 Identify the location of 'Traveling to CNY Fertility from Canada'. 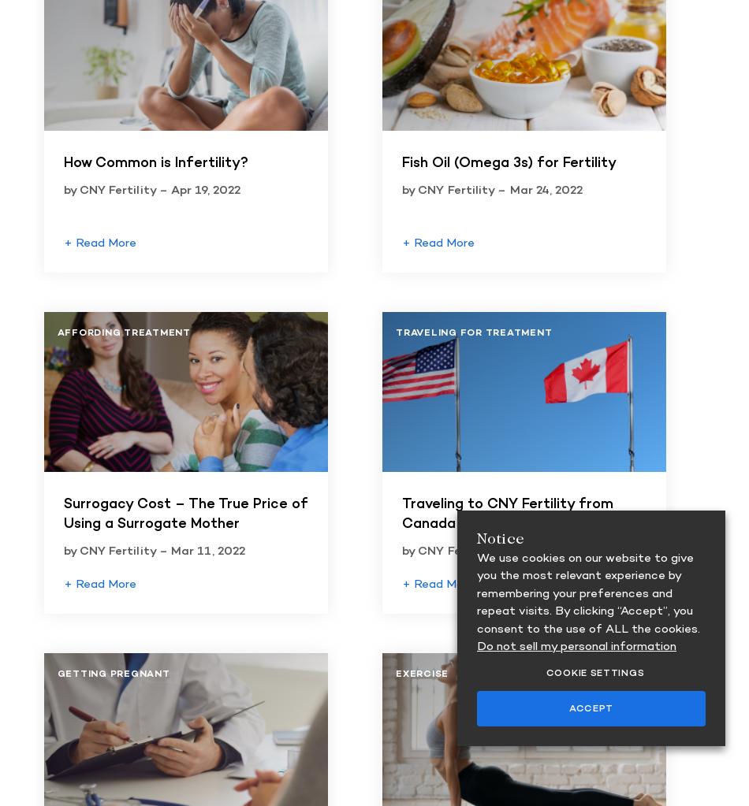
(401, 514).